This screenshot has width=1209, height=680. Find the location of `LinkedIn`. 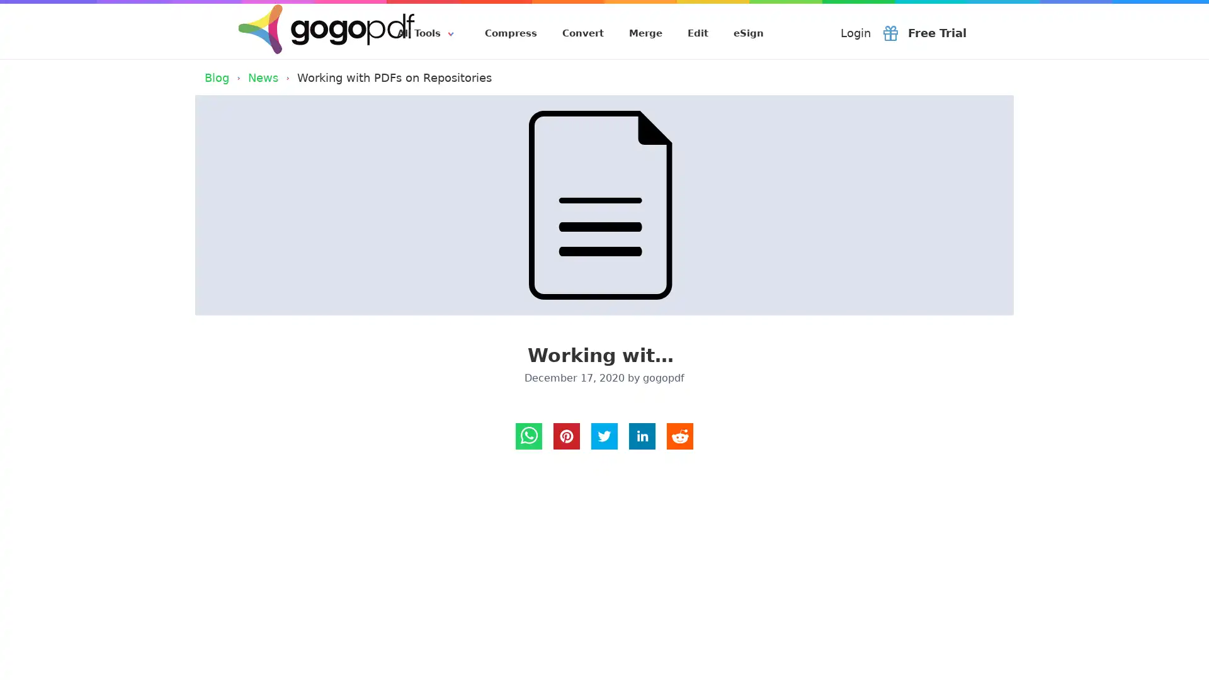

LinkedIn is located at coordinates (642, 436).